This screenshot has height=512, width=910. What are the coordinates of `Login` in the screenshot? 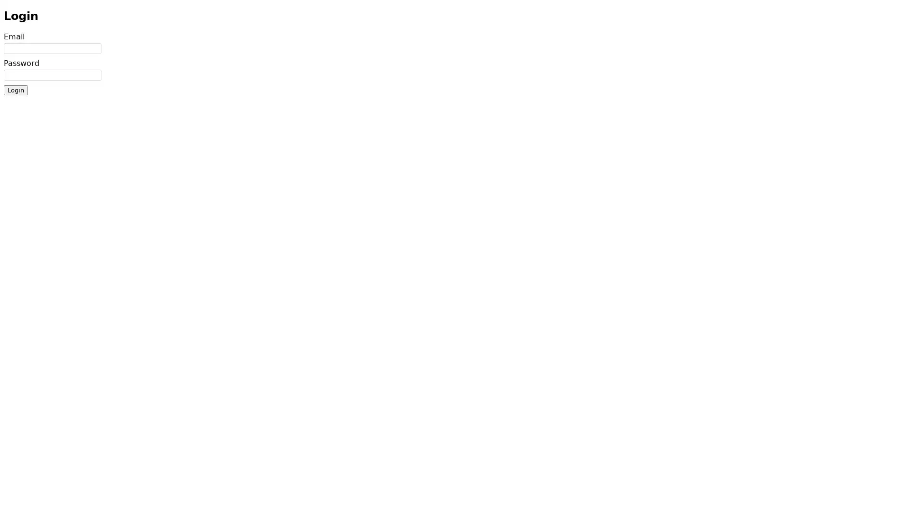 It's located at (16, 90).